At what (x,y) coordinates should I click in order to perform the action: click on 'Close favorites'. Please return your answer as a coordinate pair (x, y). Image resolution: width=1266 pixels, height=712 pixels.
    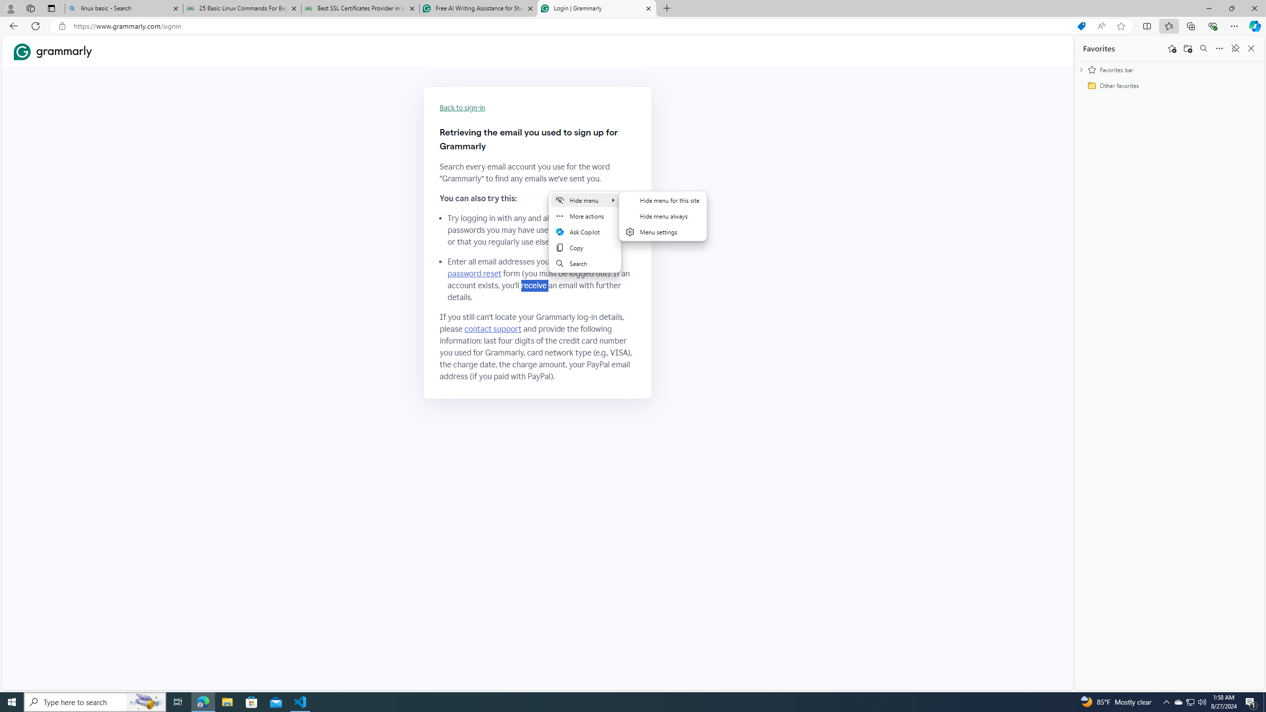
    Looking at the image, I should click on (1251, 47).